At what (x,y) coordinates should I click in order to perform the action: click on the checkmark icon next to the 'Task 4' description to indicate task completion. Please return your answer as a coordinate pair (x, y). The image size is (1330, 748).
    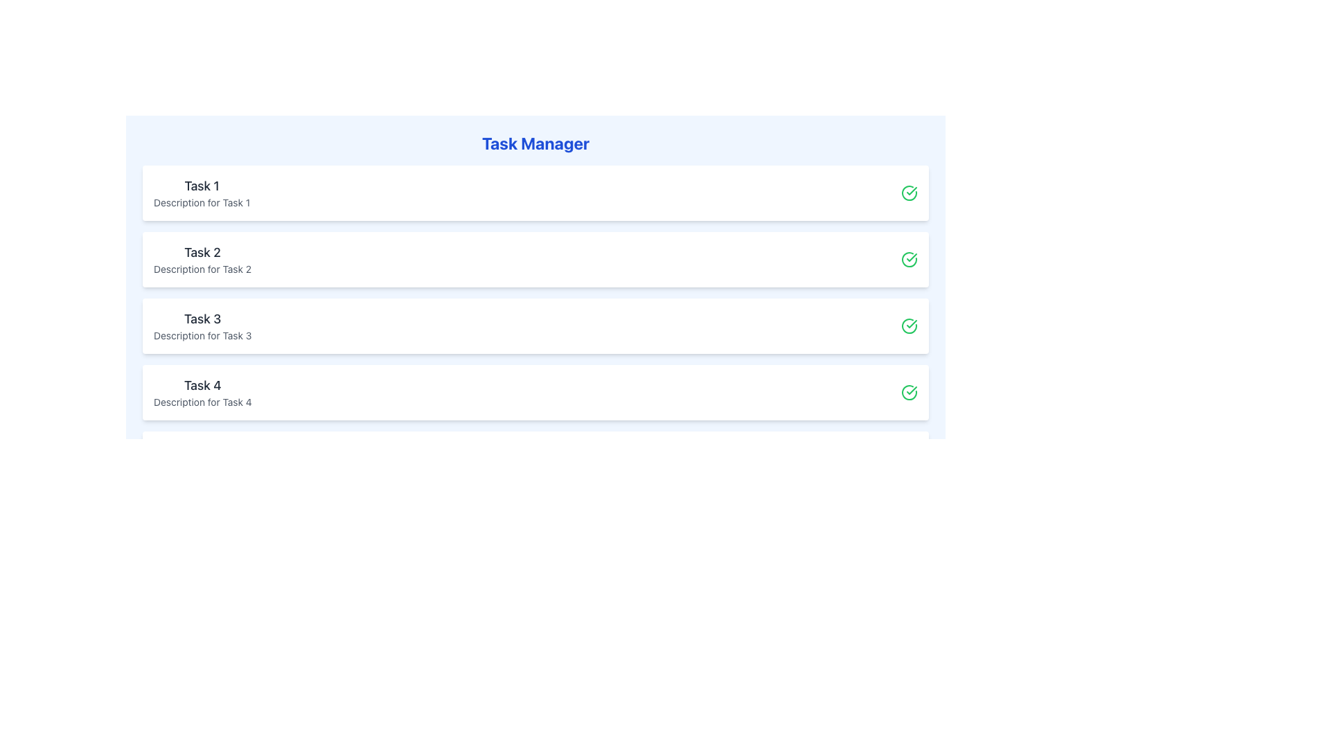
    Looking at the image, I should click on (912, 390).